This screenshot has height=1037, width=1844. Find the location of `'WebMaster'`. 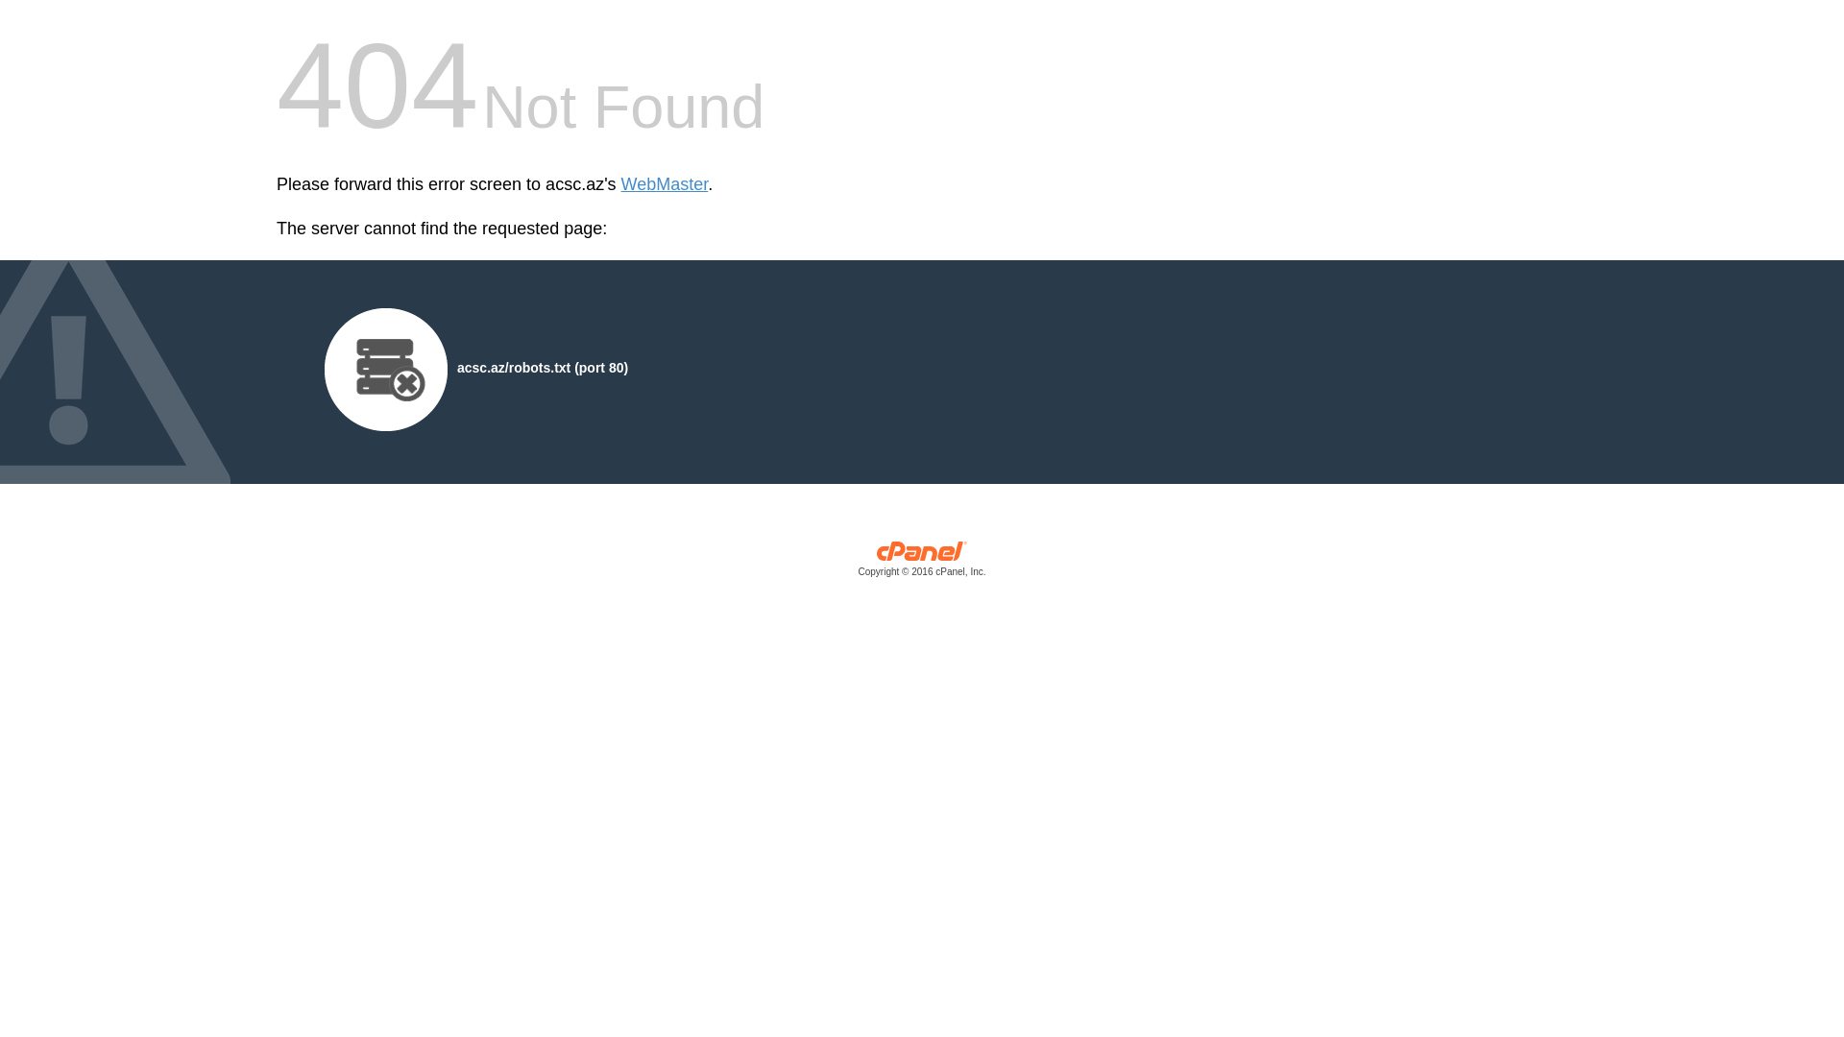

'WebMaster' is located at coordinates (665, 184).